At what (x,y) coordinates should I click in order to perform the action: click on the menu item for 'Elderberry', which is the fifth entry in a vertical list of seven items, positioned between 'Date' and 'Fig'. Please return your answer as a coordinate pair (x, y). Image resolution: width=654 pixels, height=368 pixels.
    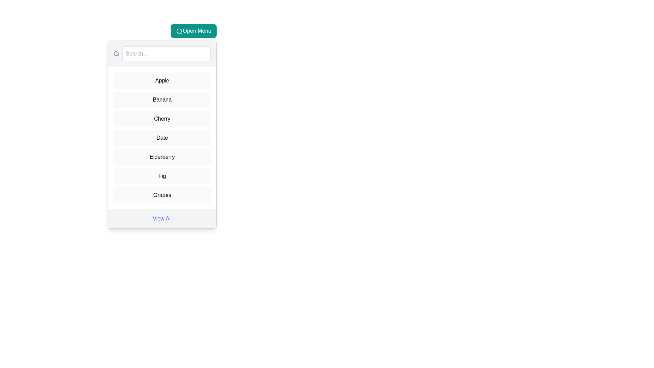
    Looking at the image, I should click on (162, 157).